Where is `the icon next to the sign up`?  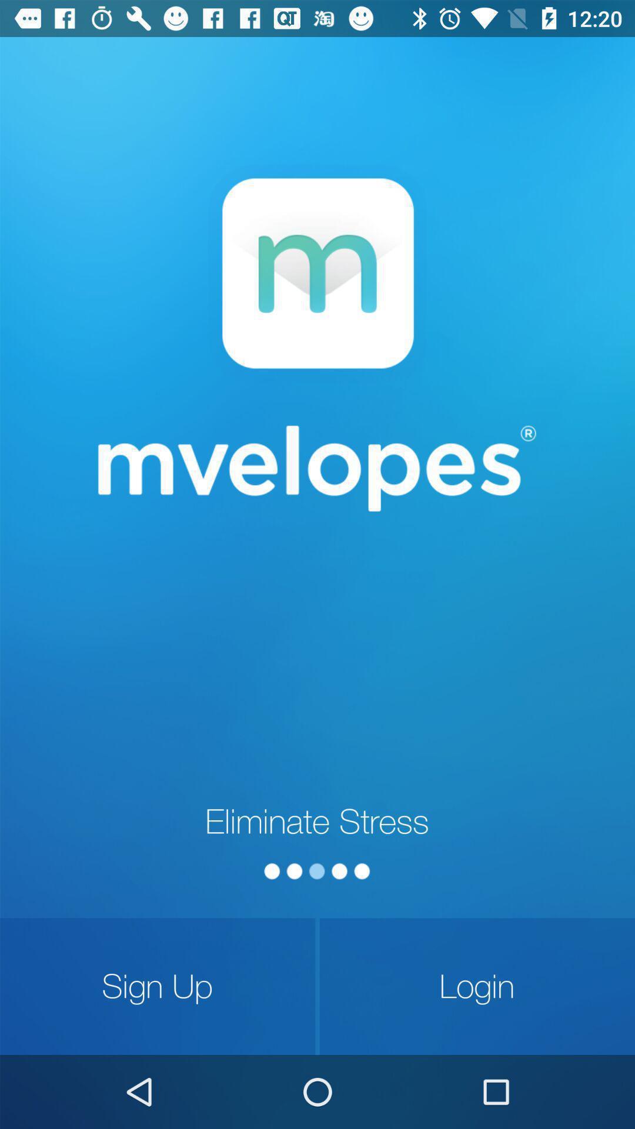
the icon next to the sign up is located at coordinates (477, 986).